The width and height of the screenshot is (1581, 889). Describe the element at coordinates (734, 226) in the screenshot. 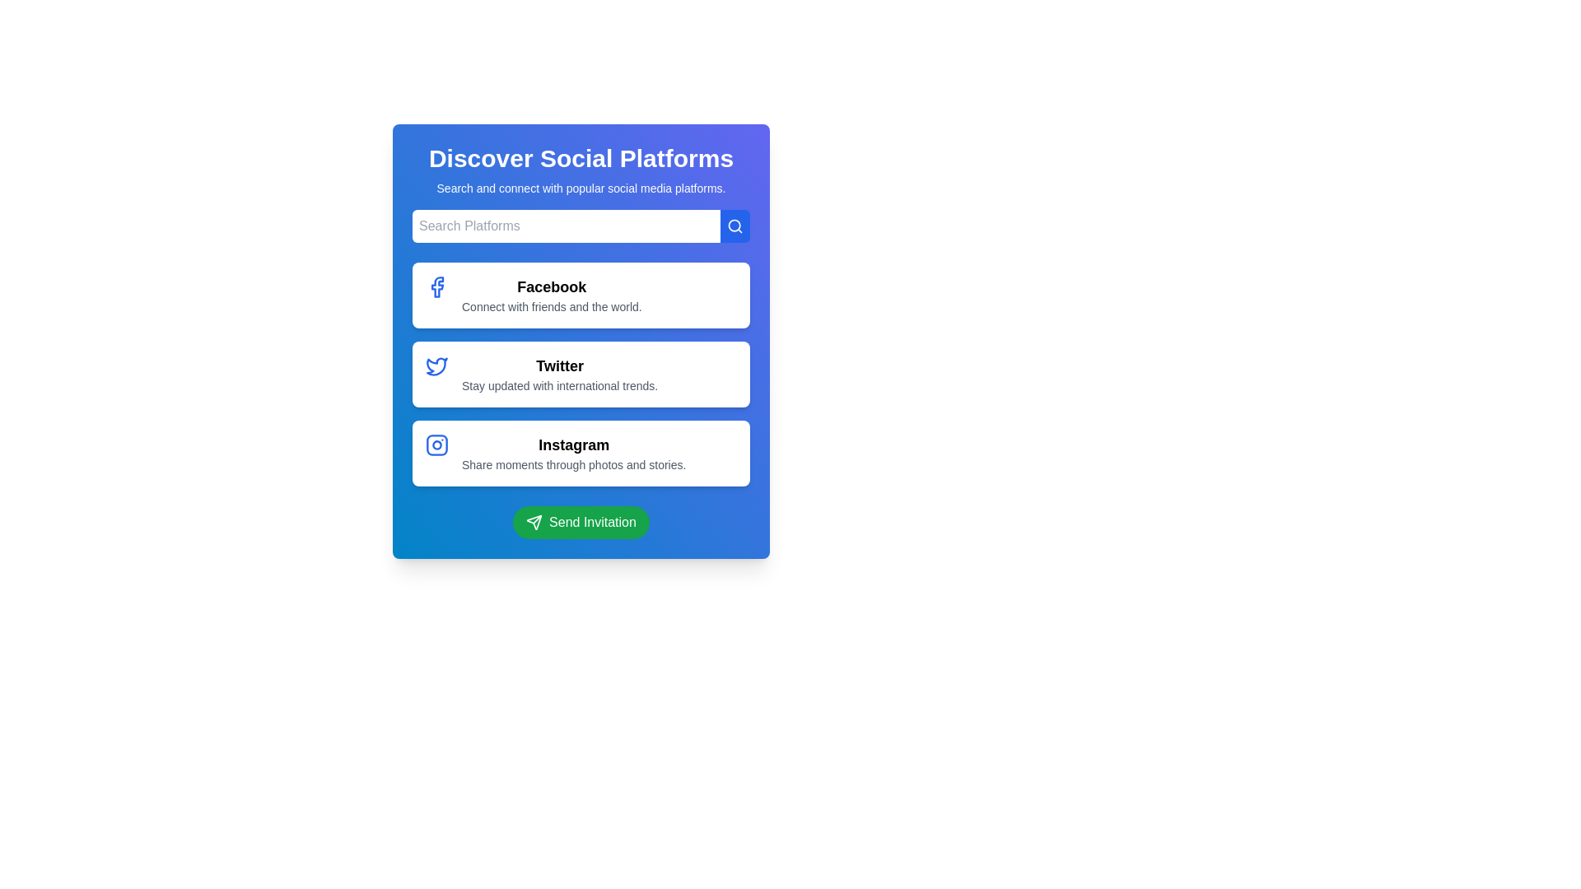

I see `the small square button with a blue background and a magnifying glass icon` at that location.